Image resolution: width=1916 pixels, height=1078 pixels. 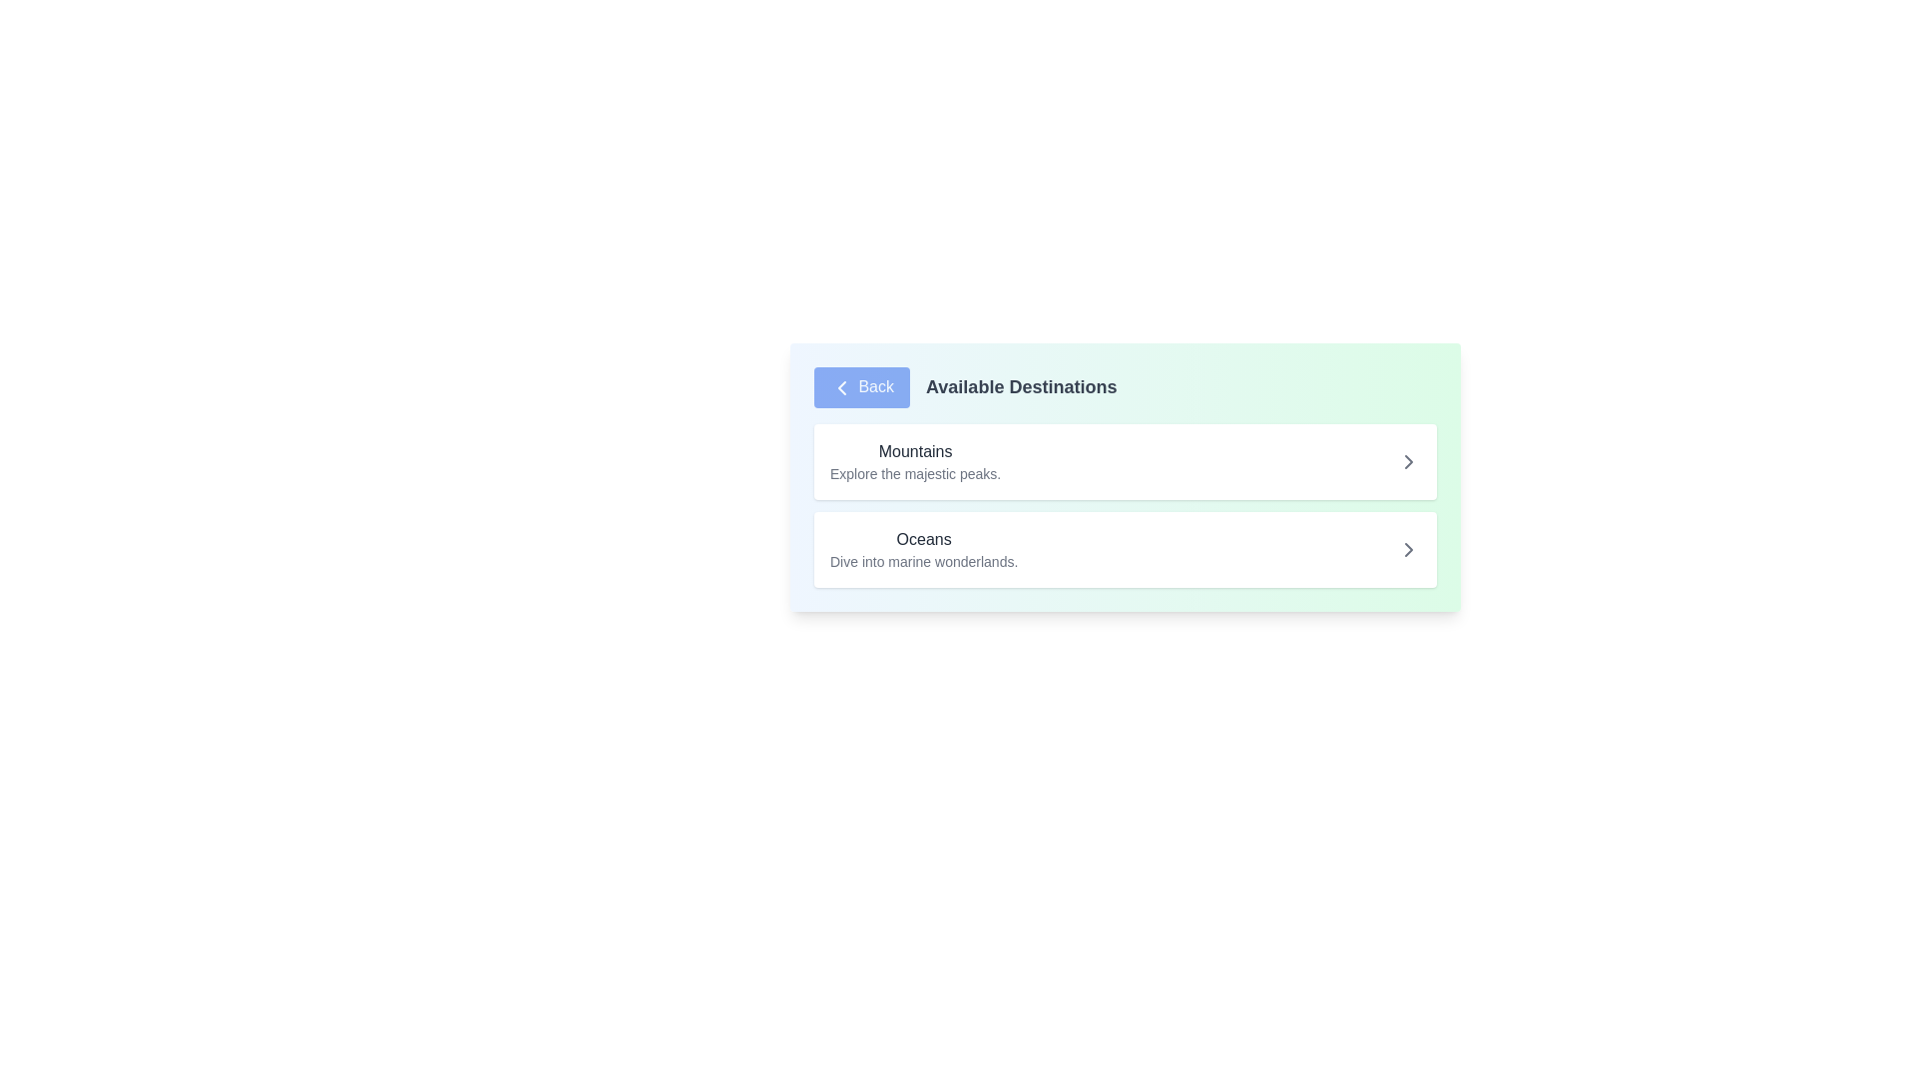 What do you see at coordinates (1407, 461) in the screenshot?
I see `the small right-pointing chevron icon with a thin outline, located at the far right end of the 'Mountains' box` at bounding box center [1407, 461].